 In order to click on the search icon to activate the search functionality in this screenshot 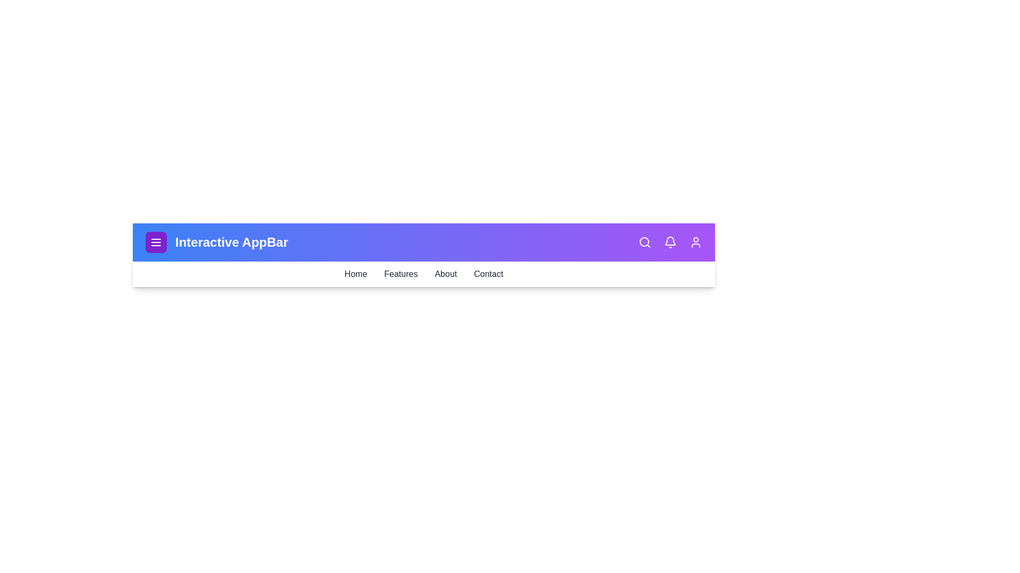, I will do `click(644, 242)`.